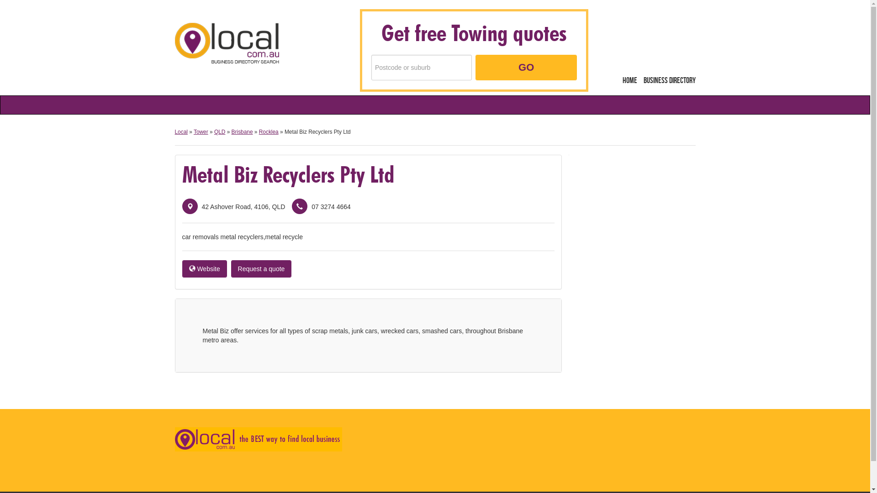 This screenshot has width=877, height=493. Describe the element at coordinates (258, 132) in the screenshot. I see `'Rocklea'` at that location.